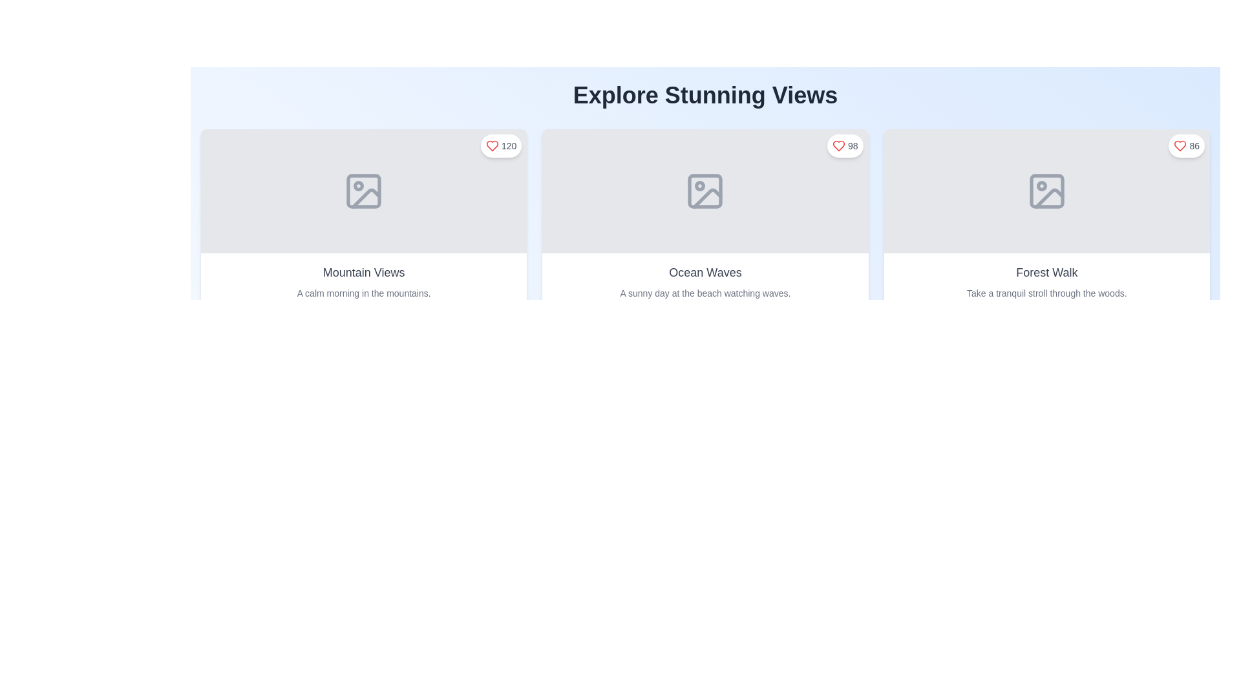 Image resolution: width=1241 pixels, height=698 pixels. Describe the element at coordinates (1046, 280) in the screenshot. I see `text block located at the bottom of the rightmost card in a three-card layout, directly below the placeholder image` at that location.